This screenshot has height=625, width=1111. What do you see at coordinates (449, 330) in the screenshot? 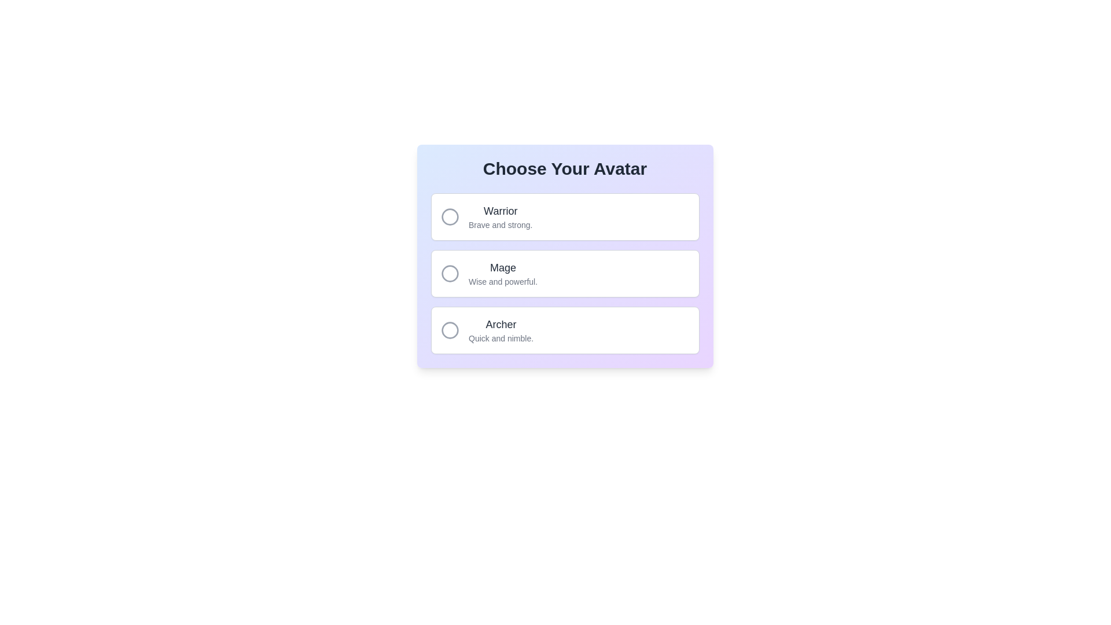
I see `the graphical icon indicating the selection state of the 'Archer' avatar, which is located towards the top-left of the 'Archer' card in the vertical list of avatar choices` at bounding box center [449, 330].